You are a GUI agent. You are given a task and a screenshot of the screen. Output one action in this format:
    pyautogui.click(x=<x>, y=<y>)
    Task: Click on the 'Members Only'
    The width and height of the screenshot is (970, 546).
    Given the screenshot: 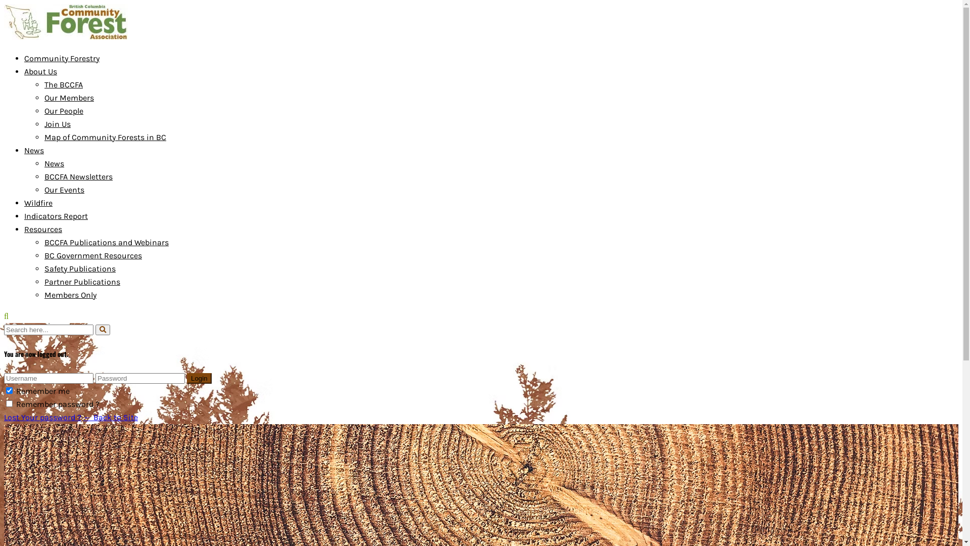 What is the action you would take?
    pyautogui.click(x=70, y=295)
    